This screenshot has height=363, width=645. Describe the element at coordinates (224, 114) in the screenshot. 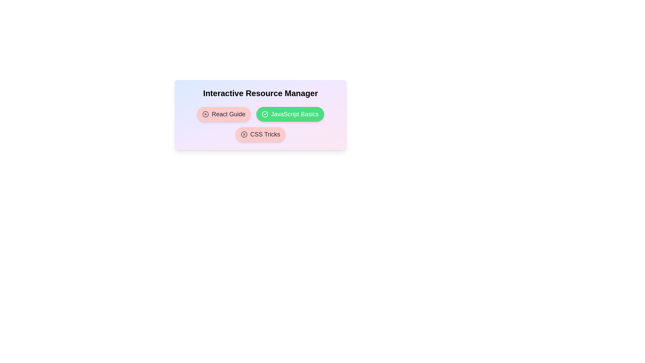

I see `the resource chip labeled 'React Guide' to observe its hover effect` at that location.